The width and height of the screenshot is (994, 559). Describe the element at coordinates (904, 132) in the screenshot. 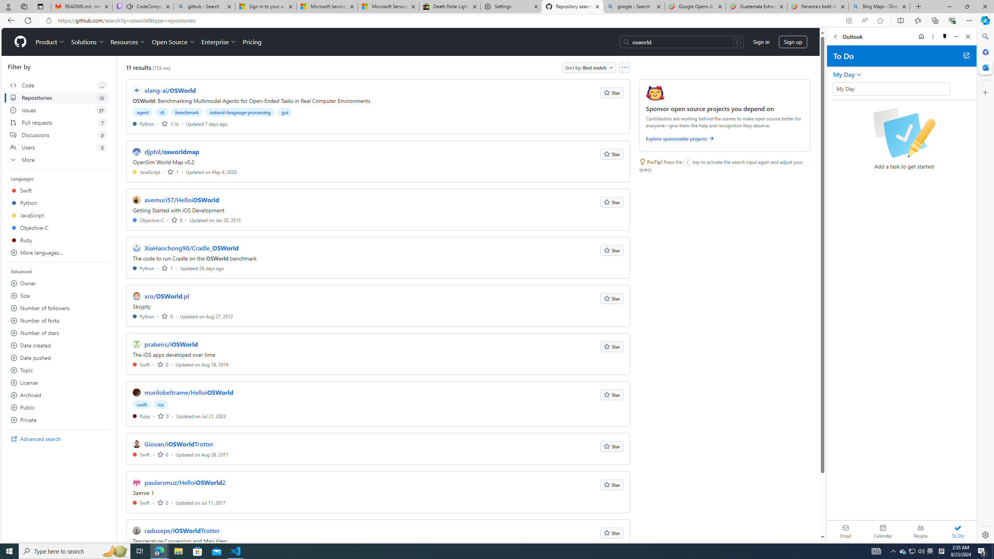

I see `'Checkbox with a pencil'` at that location.